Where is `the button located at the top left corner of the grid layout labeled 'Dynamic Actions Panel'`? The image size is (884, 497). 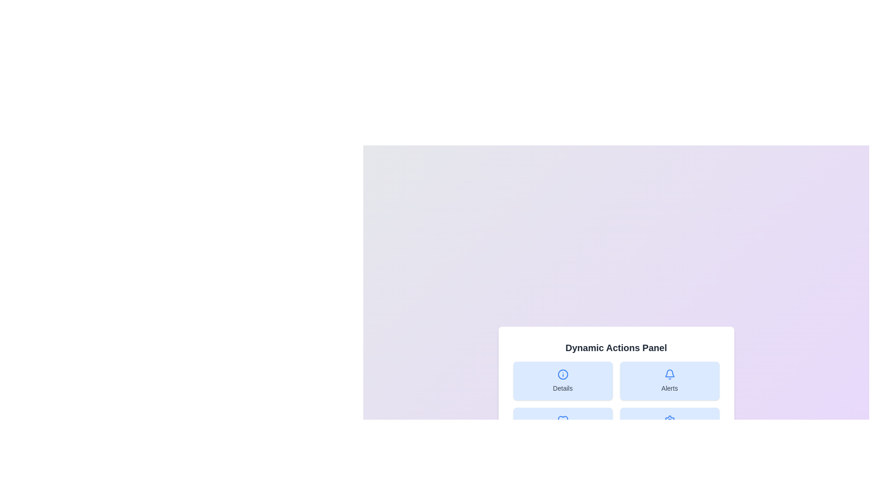 the button located at the top left corner of the grid layout labeled 'Dynamic Actions Panel' is located at coordinates (562, 381).